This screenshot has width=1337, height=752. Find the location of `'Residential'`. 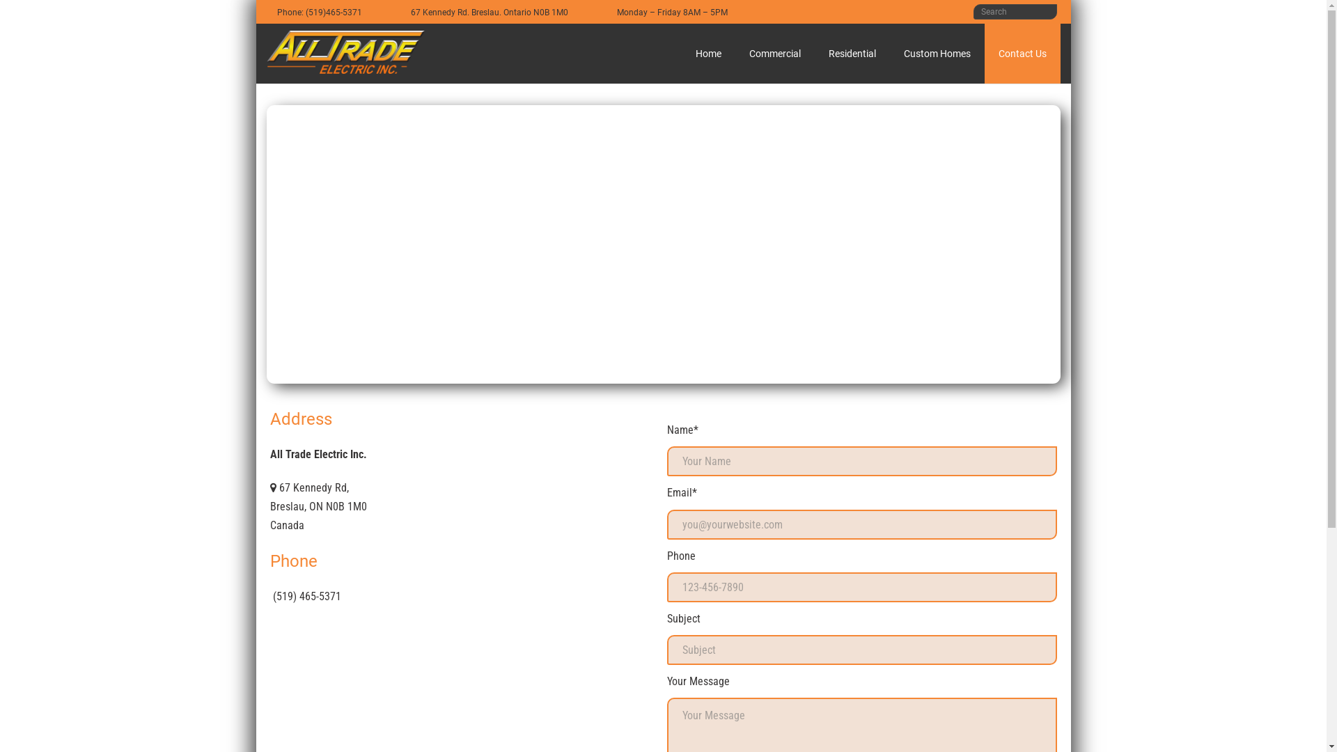

'Residential' is located at coordinates (852, 53).